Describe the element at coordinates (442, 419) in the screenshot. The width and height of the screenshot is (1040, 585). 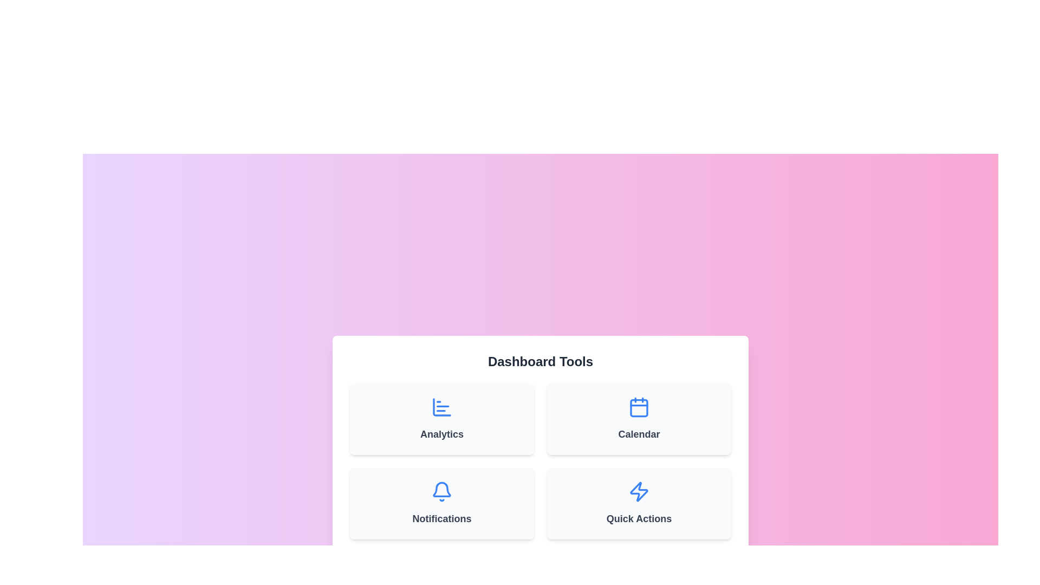
I see `the interactive analytics card located in the top-left corner of the grid layout` at that location.